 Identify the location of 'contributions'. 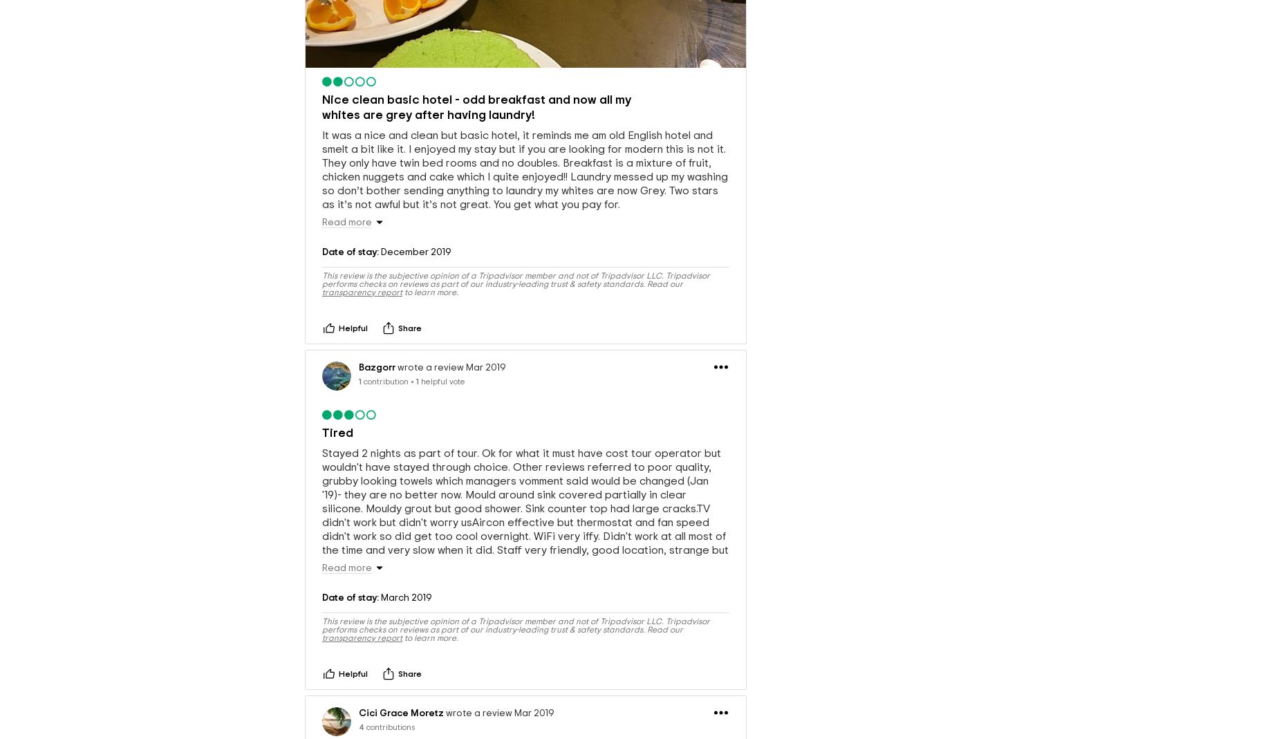
(390, 727).